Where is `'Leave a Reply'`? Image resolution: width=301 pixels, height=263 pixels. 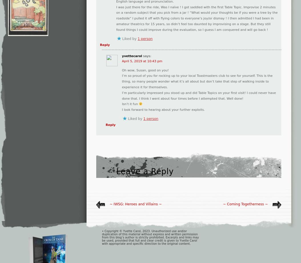 'Leave a Reply' is located at coordinates (145, 171).